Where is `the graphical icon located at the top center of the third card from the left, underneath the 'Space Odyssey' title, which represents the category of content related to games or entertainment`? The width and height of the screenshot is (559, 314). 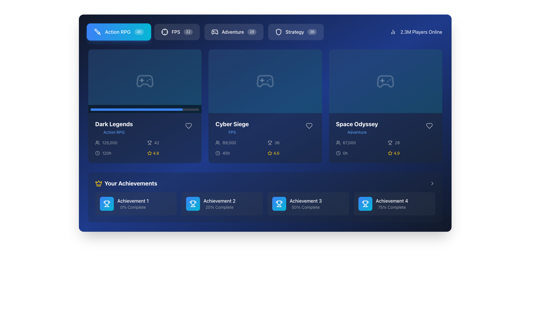 the graphical icon located at the top center of the third card from the left, underneath the 'Space Odyssey' title, which represents the category of content related to games or entertainment is located at coordinates (385, 81).